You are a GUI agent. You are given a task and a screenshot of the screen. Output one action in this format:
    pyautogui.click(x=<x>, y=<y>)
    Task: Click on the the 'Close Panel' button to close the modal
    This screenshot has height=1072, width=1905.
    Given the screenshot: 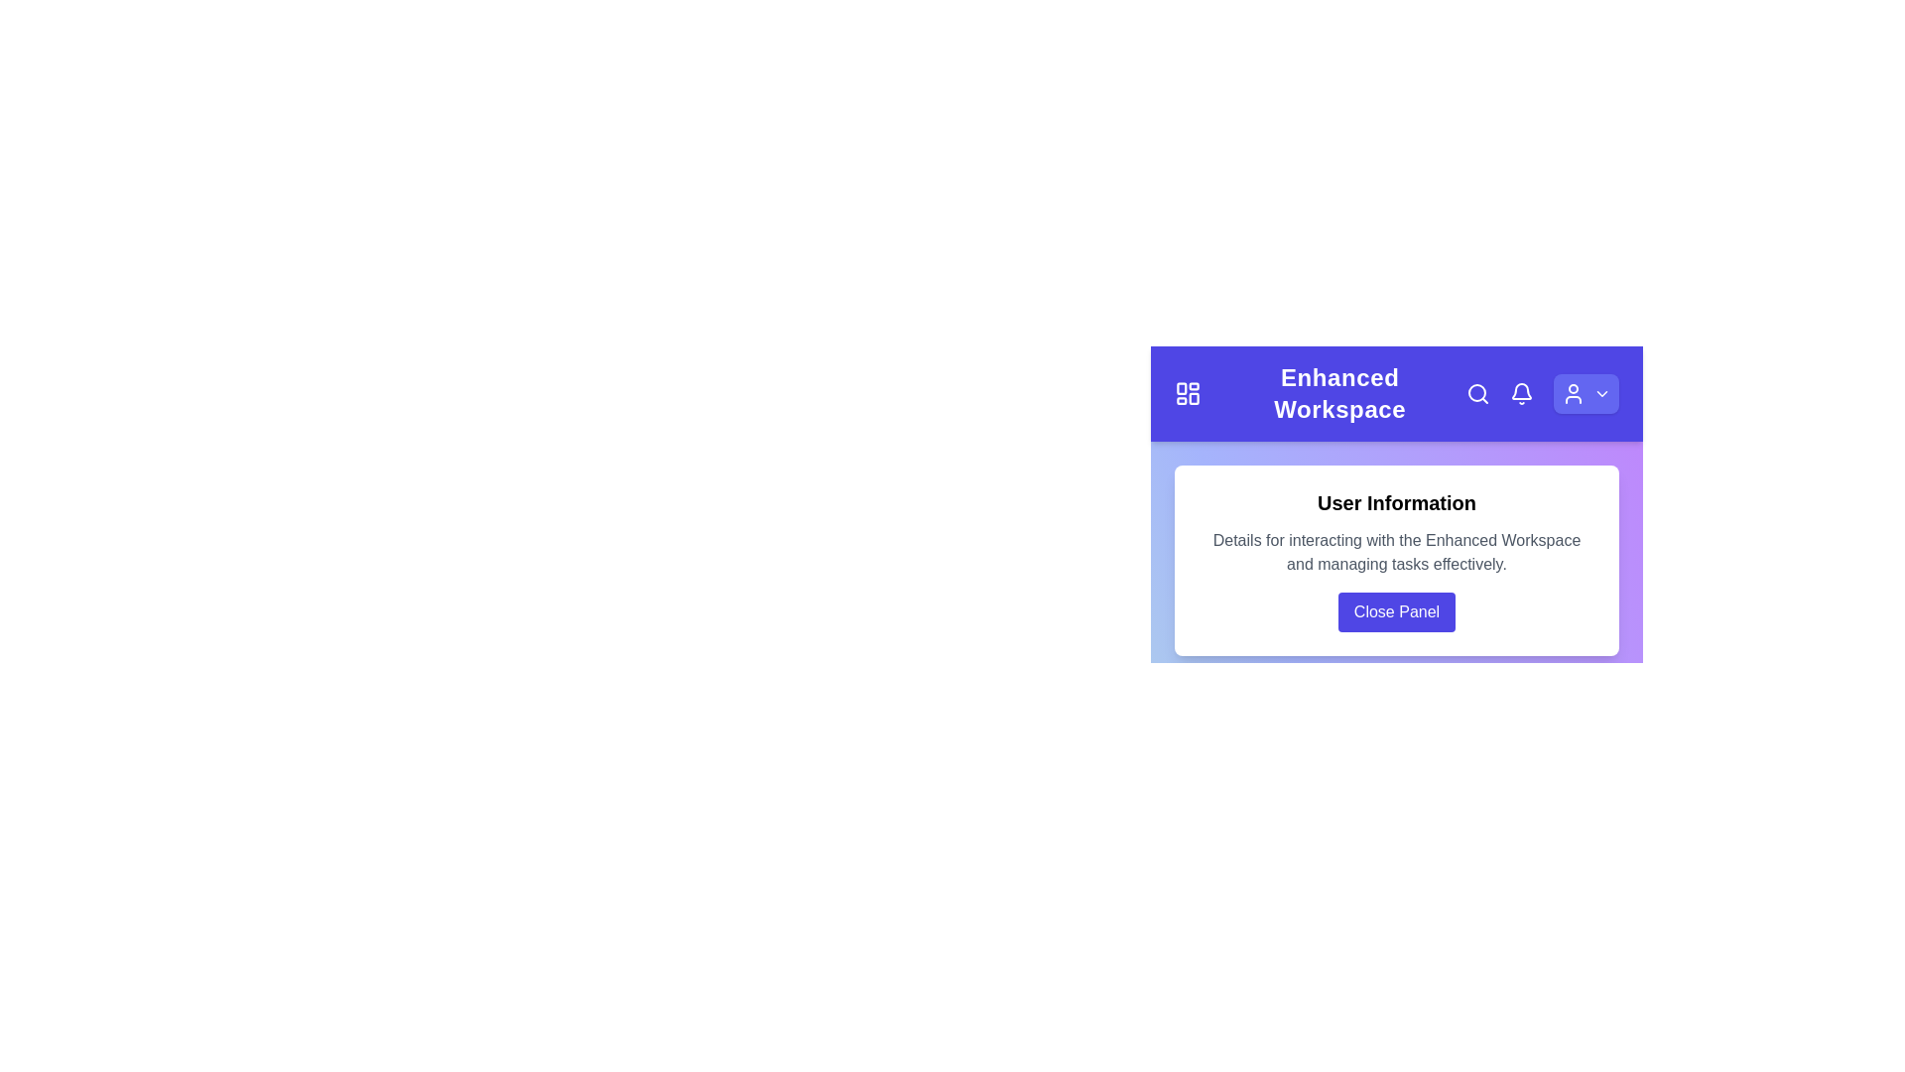 What is the action you would take?
    pyautogui.click(x=1395, y=611)
    